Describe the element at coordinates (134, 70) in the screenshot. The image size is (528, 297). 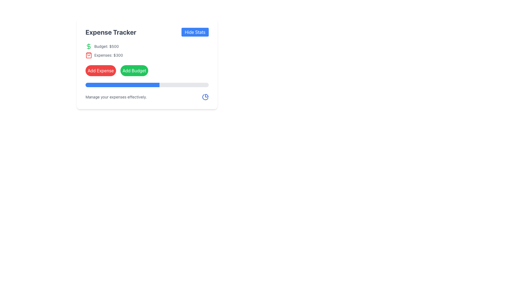
I see `the green circular button labeled 'Add Budget'` at that location.